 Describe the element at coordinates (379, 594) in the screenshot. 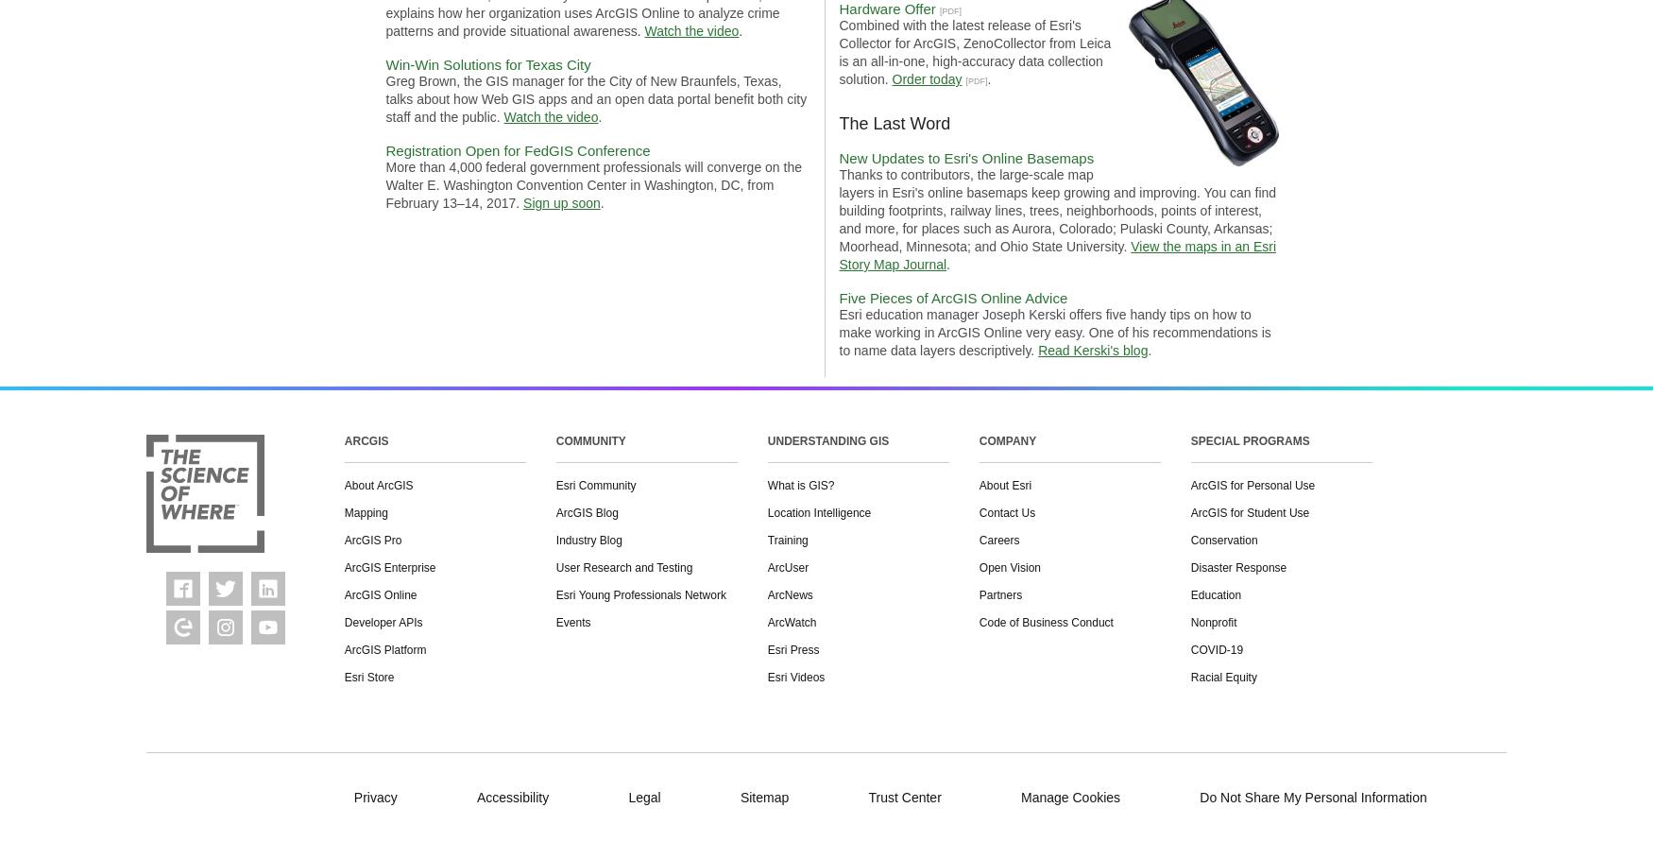

I see `'ArcGIS Online'` at that location.